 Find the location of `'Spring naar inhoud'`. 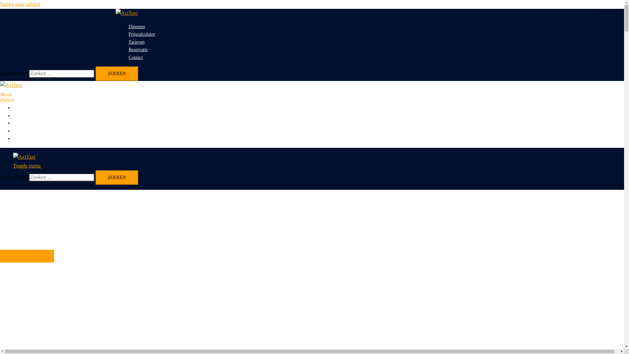

'Spring naar inhoud' is located at coordinates (20, 4).